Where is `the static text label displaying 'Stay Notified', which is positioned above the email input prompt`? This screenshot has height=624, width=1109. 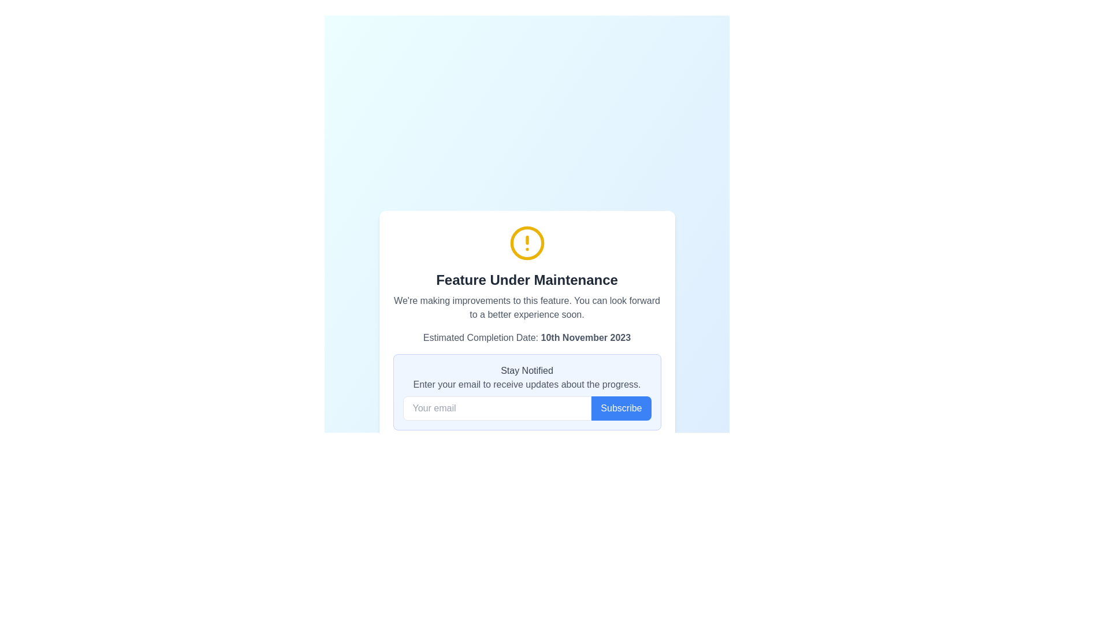
the static text label displaying 'Stay Notified', which is positioned above the email input prompt is located at coordinates (526, 370).